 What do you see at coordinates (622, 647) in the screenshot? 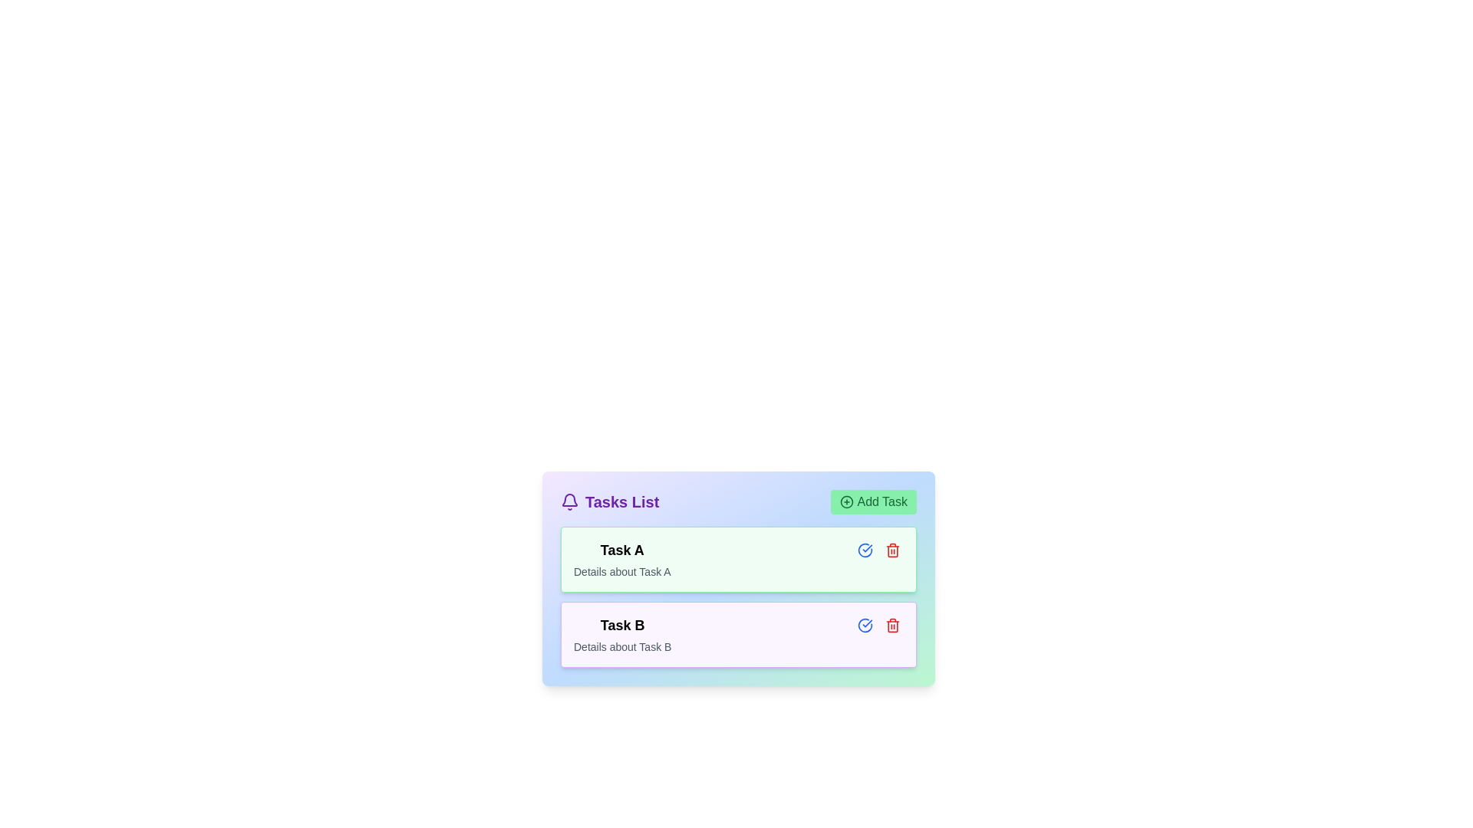
I see `the text label that reads 'Details about Task B', which is styled with a small font size and gray color, located directly beneath the heading 'Task B'` at bounding box center [622, 647].